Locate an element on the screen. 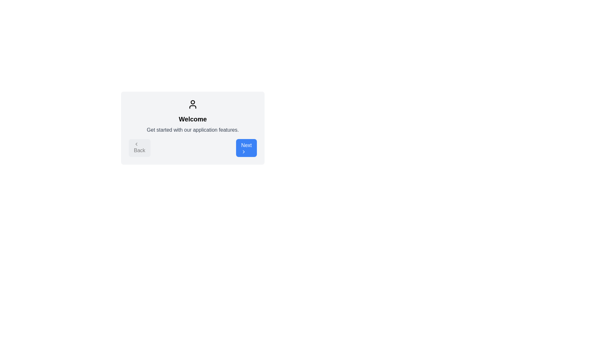 This screenshot has height=346, width=615. the 'Next' button which contains the visual indicator icon positioned at the right end of the button is located at coordinates (243, 152).